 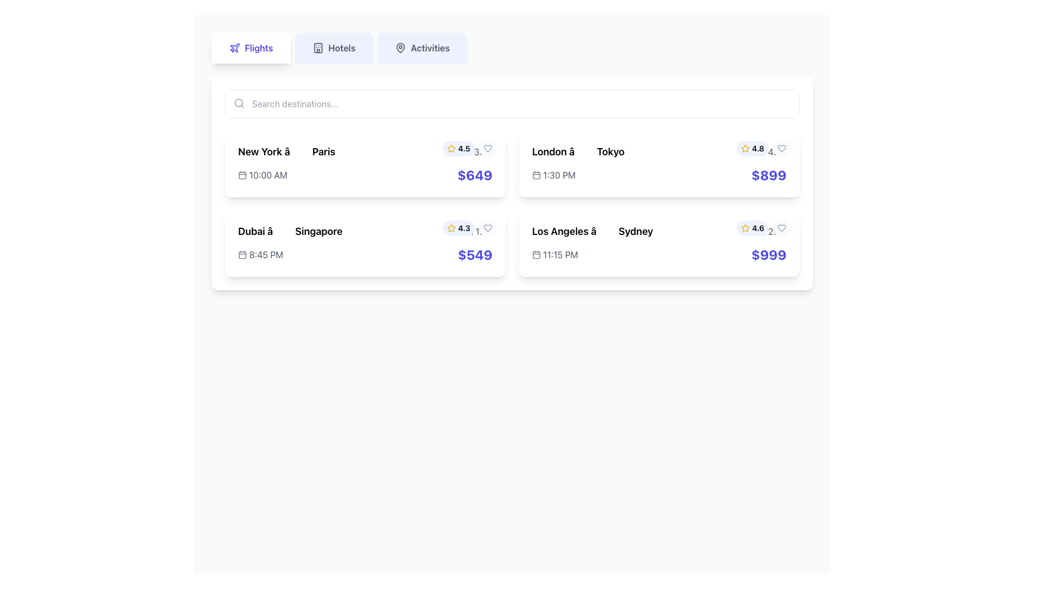 What do you see at coordinates (559, 174) in the screenshot?
I see `time displayed on the Text label located in the second card under the 'Flights' tab, positioned below 'London → Tokyo' and to the right of the calendar icon` at bounding box center [559, 174].